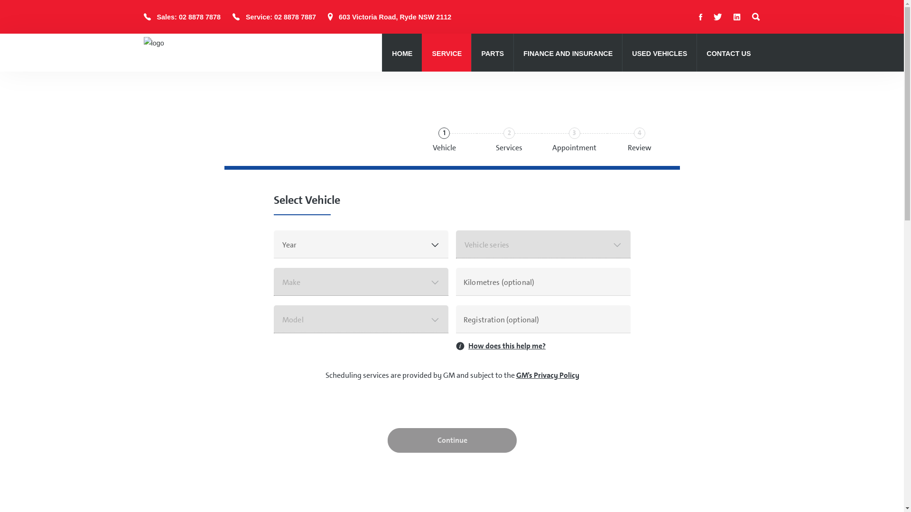  What do you see at coordinates (659, 54) in the screenshot?
I see `'USED VEHICLES'` at bounding box center [659, 54].